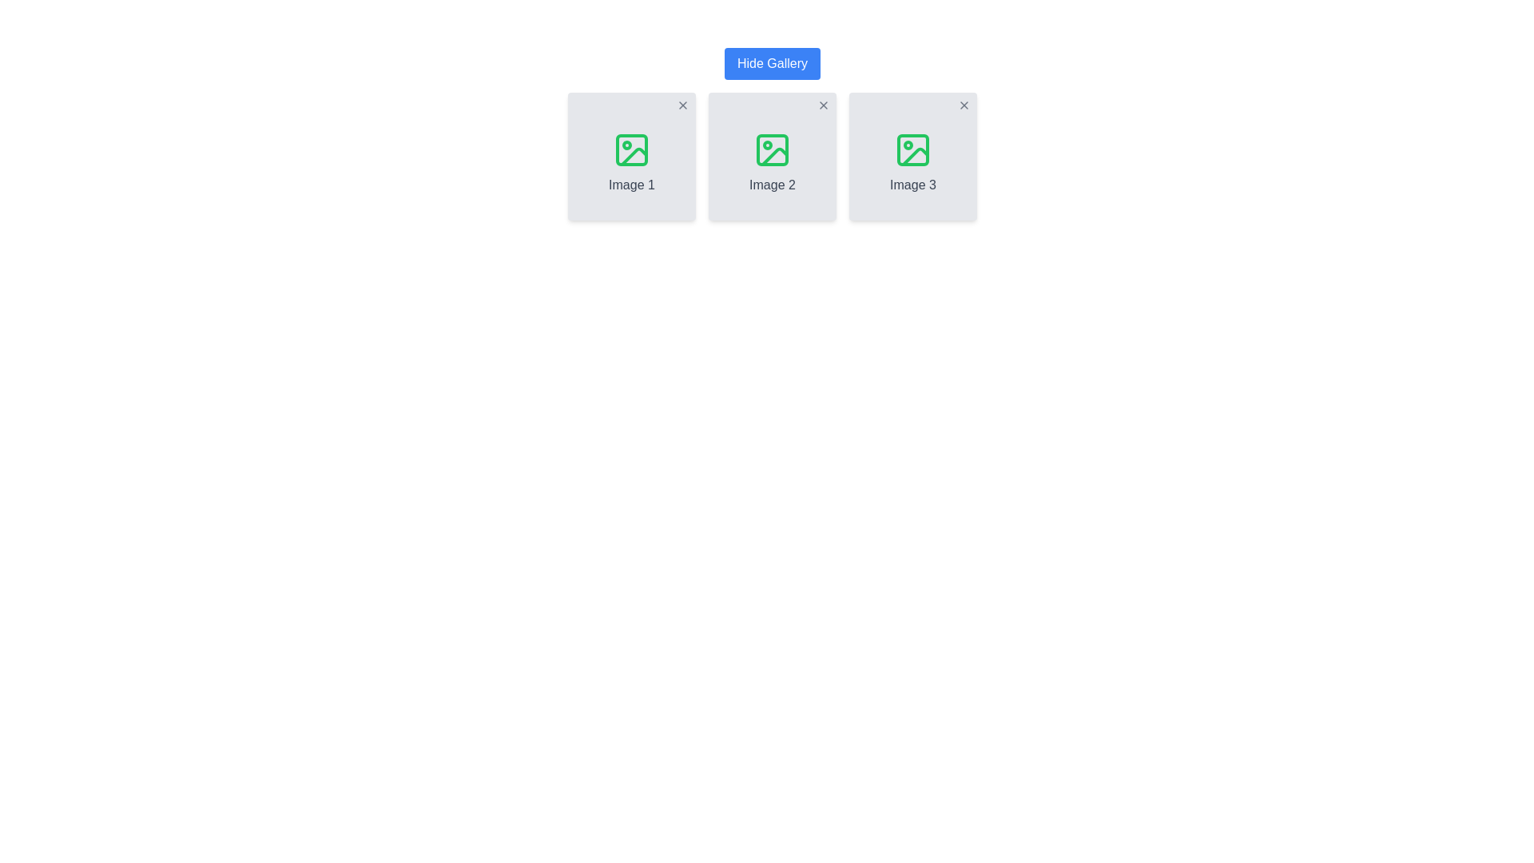 This screenshot has width=1534, height=863. I want to click on the SVG graphic icon representing an image placeholder in the first card of the gallery, positioned beneath the close button and above the 'Image 1' label, so click(631, 150).